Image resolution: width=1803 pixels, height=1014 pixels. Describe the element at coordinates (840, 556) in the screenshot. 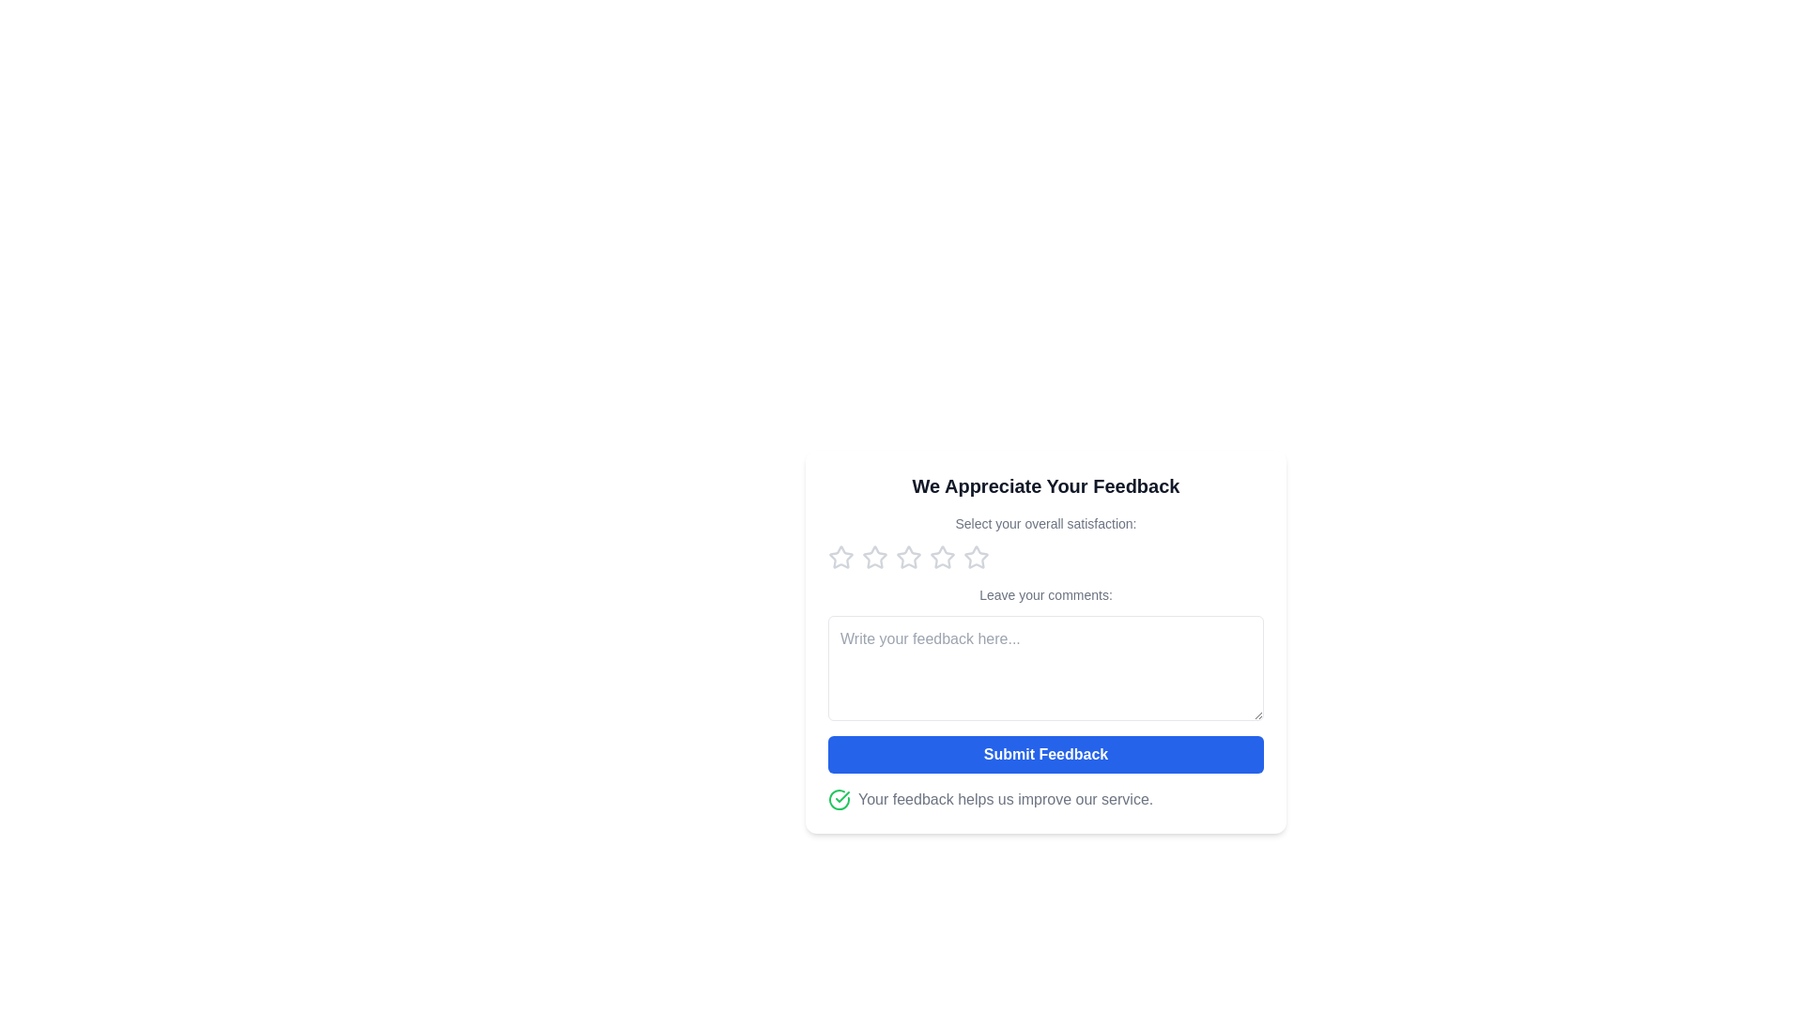

I see `the first star-shaped rating icon with a gray outline located near the top of the feedback form section` at that location.